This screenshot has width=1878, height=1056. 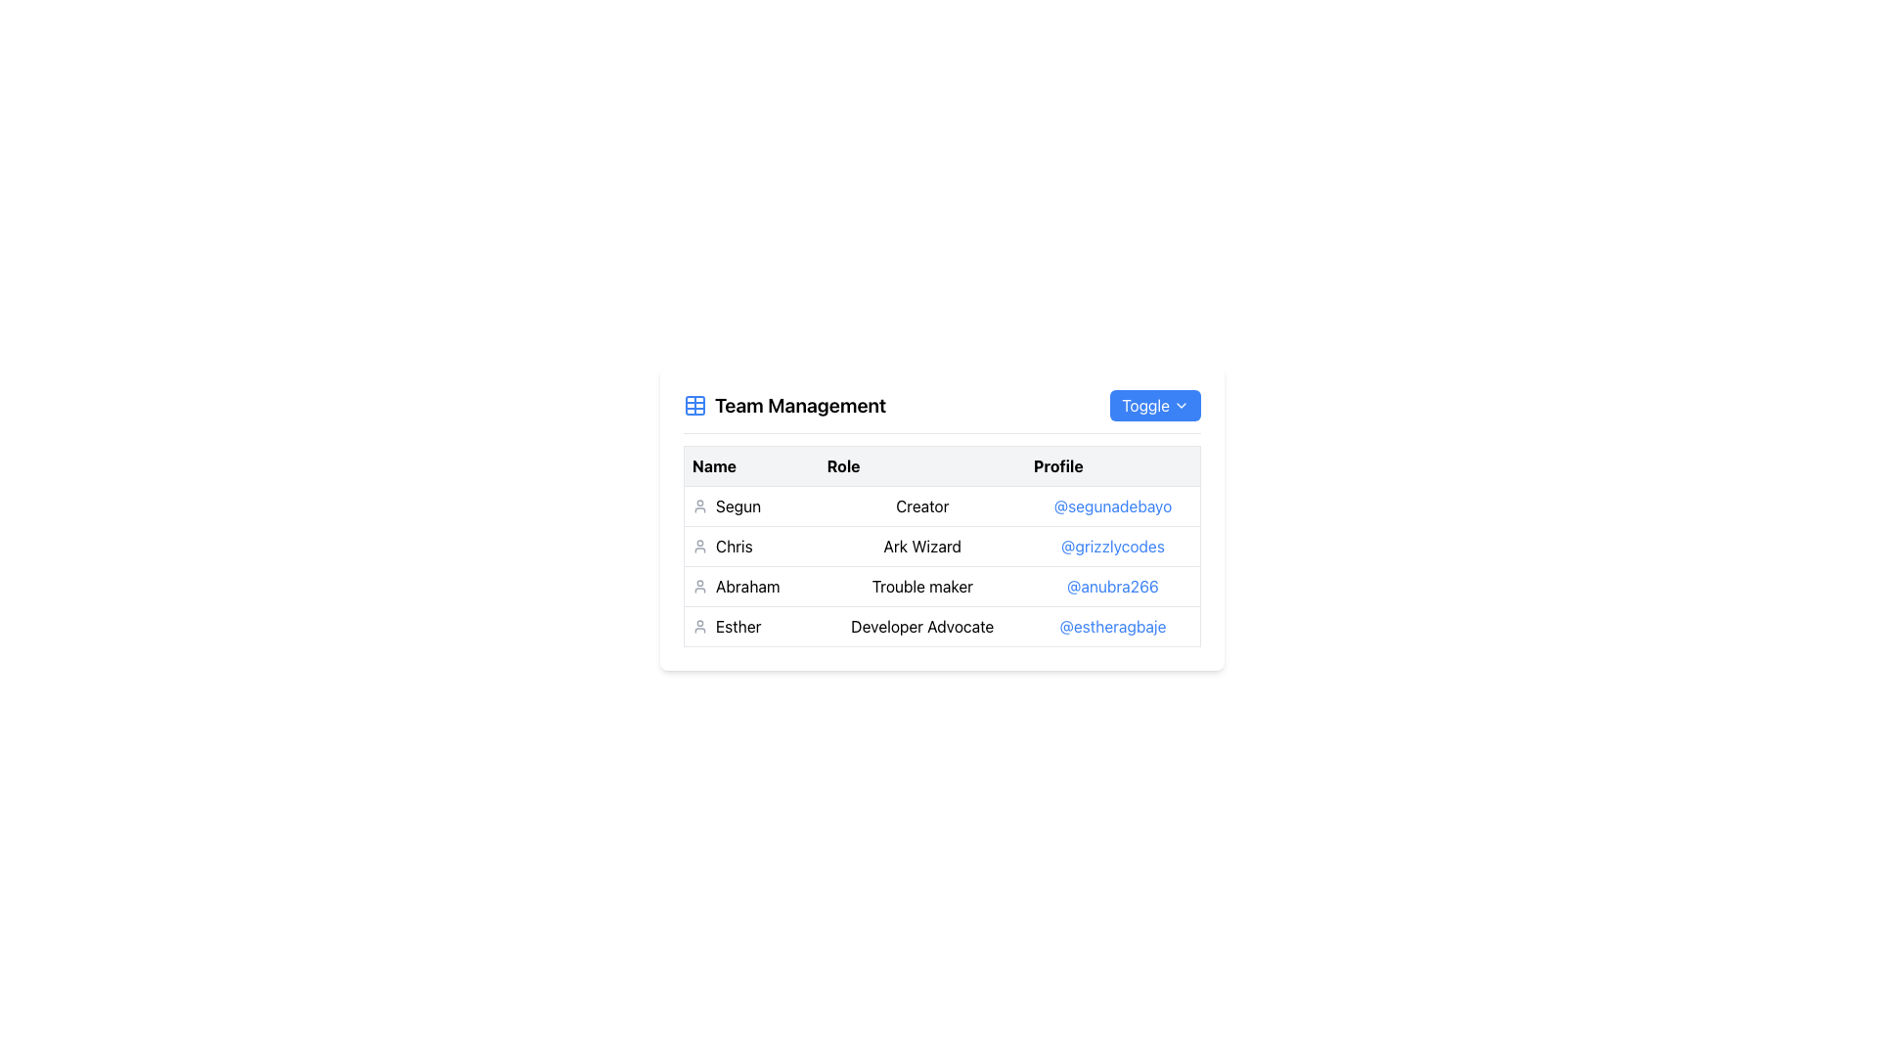 What do you see at coordinates (1181, 405) in the screenshot?
I see `the small downward-pointing chevron icon located to the right of the 'Toggle' text within the 'Toggle' button at the top right of the 'Team Management' widget` at bounding box center [1181, 405].